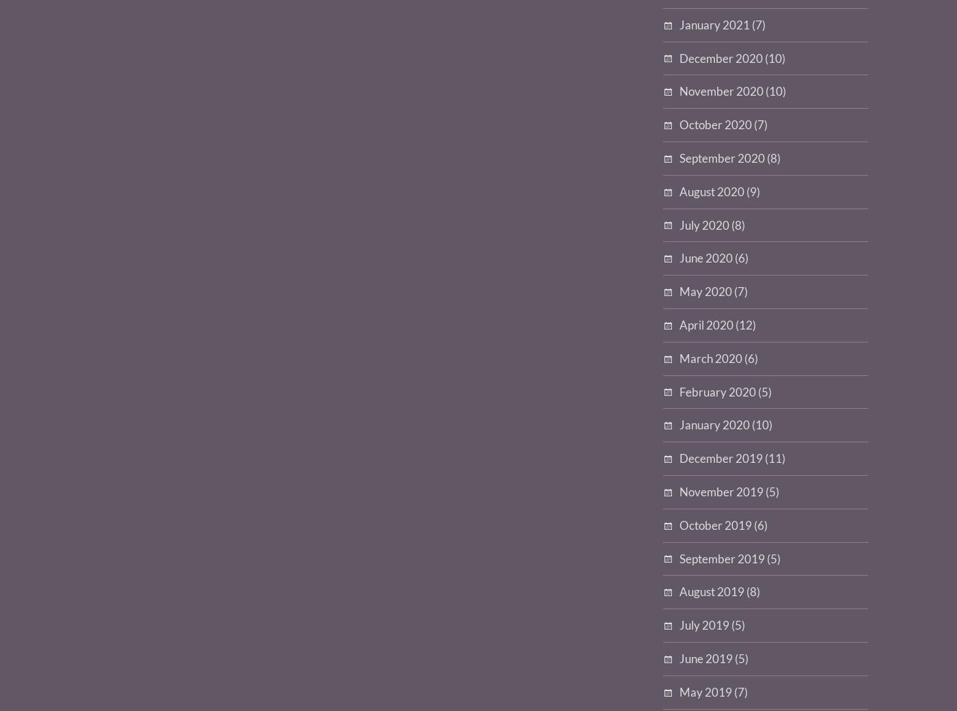  What do you see at coordinates (706, 257) in the screenshot?
I see `'June 2020'` at bounding box center [706, 257].